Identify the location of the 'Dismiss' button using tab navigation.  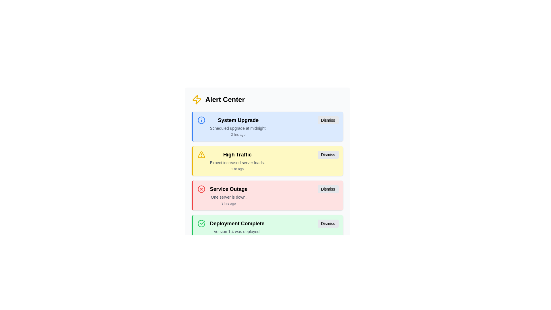
(328, 154).